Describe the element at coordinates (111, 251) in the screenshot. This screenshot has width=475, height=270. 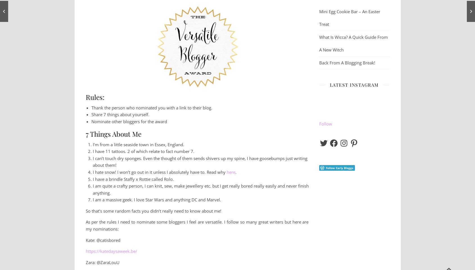
I see `'https://katedaysaweek.be/'` at that location.